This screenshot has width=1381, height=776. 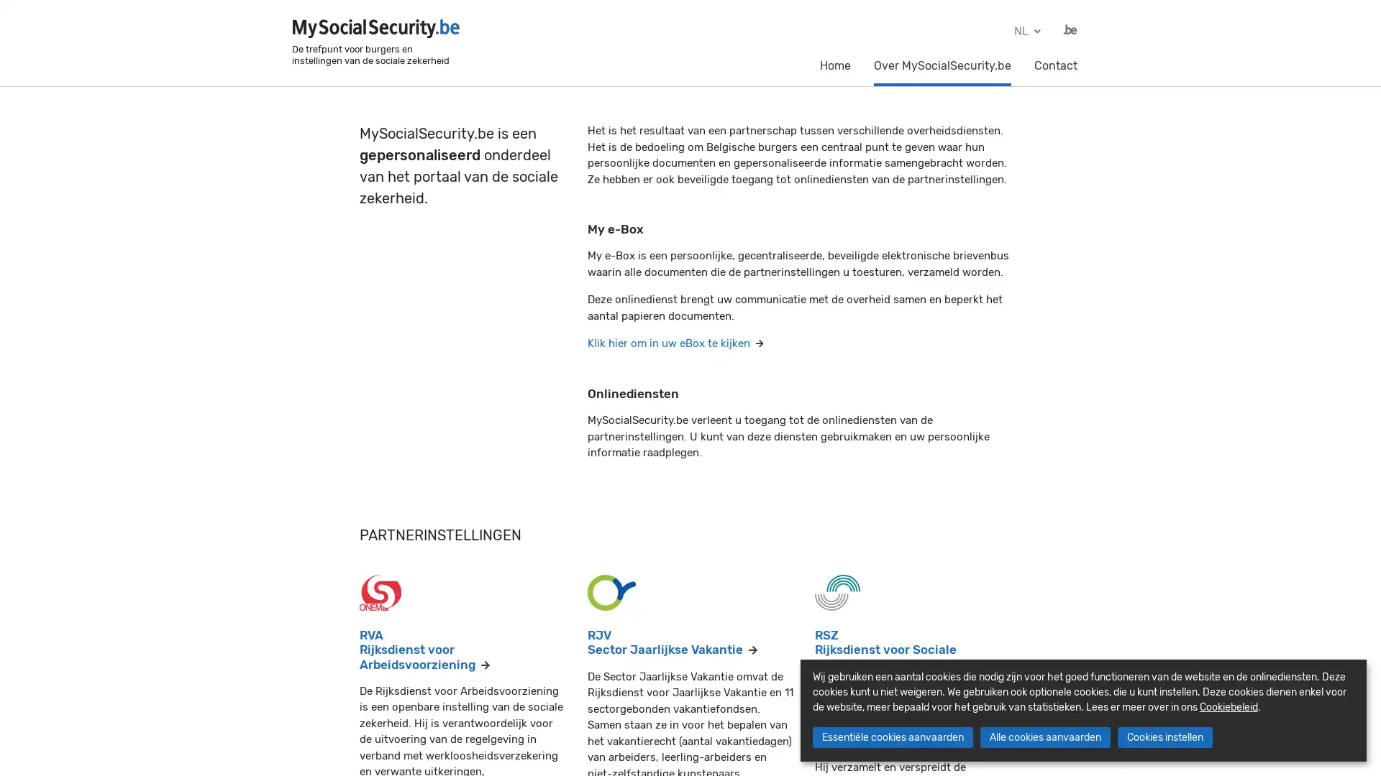 I want to click on Alle cookies aanvaarden, so click(x=1044, y=737).